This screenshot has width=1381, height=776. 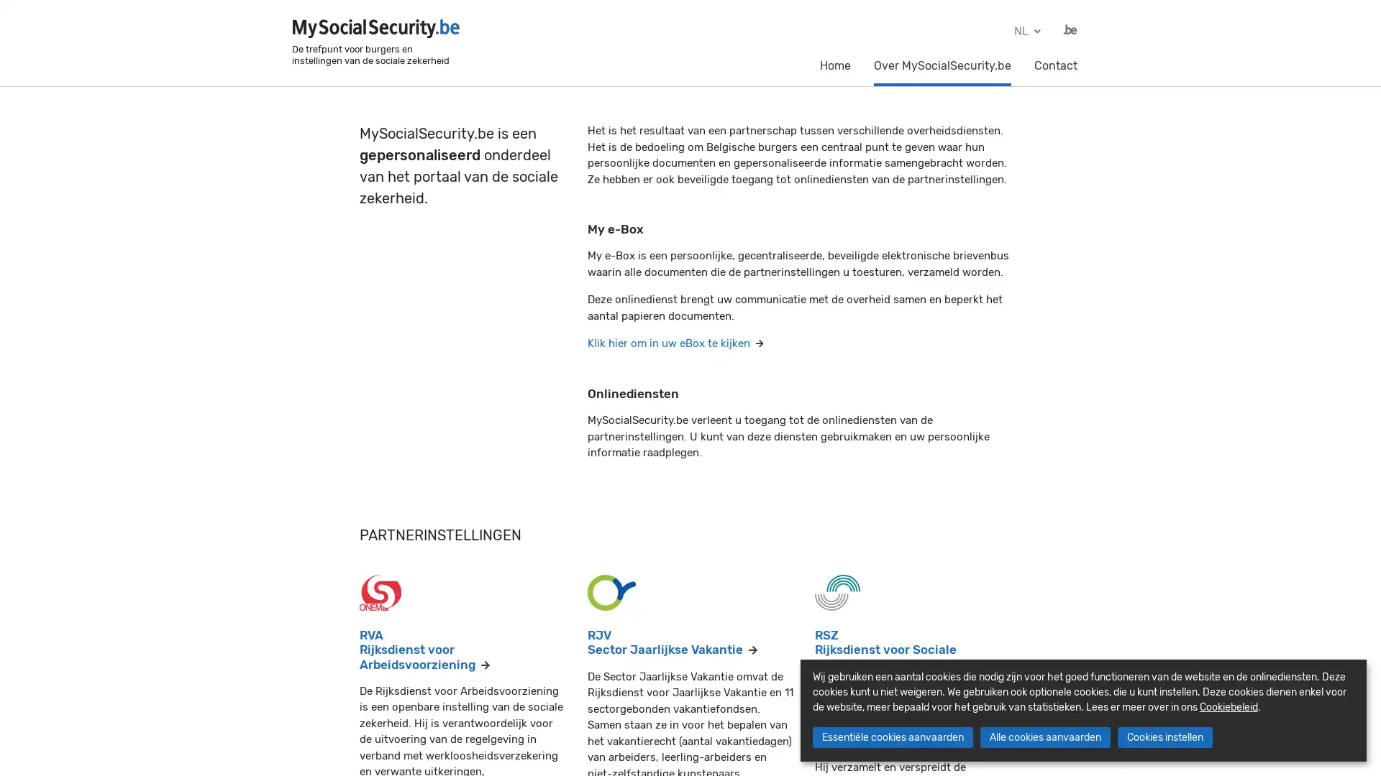 I want to click on Alle cookies aanvaarden, so click(x=1044, y=737).